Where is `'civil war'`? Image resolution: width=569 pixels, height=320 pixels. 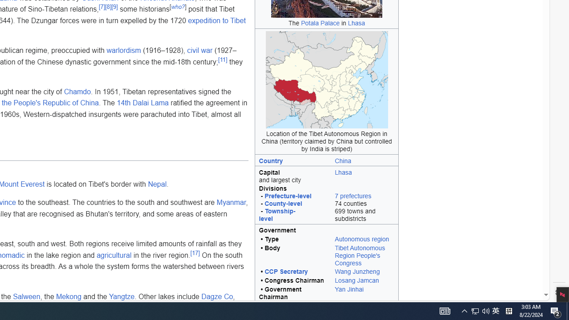 'civil war' is located at coordinates (199, 51).